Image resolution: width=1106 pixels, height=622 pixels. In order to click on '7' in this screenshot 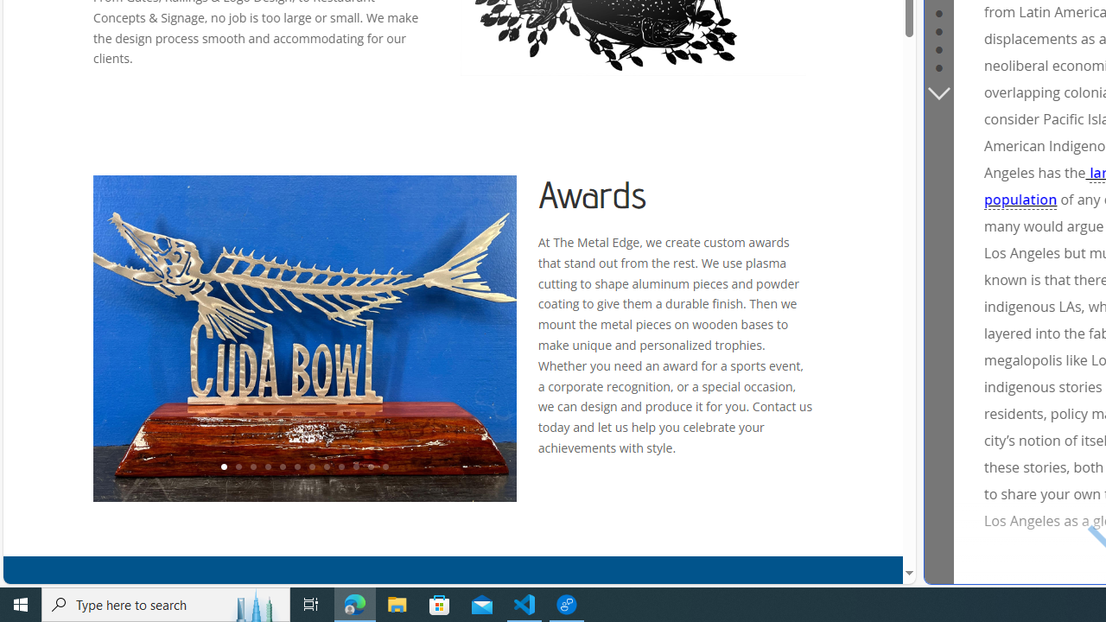, I will do `click(311, 467)`.